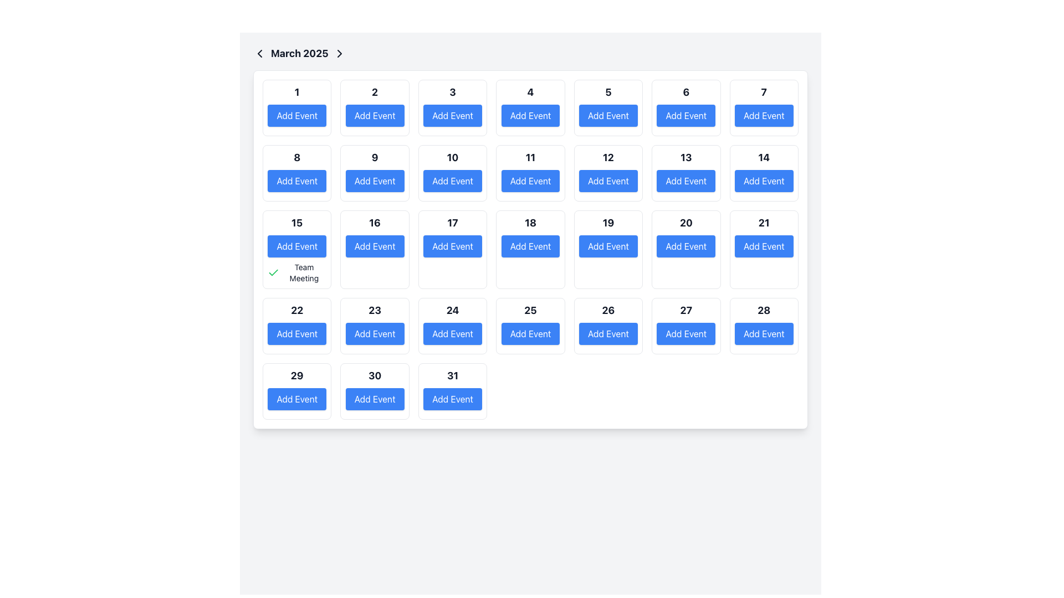 The image size is (1064, 598). I want to click on the leftward-pointing chevron icon, so click(259, 53).